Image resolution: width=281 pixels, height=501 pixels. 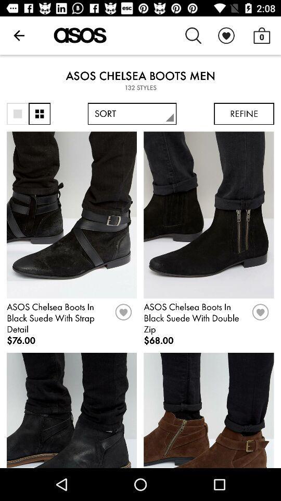 What do you see at coordinates (261, 35) in the screenshot?
I see `the icon above the asos chelsea boots item` at bounding box center [261, 35].